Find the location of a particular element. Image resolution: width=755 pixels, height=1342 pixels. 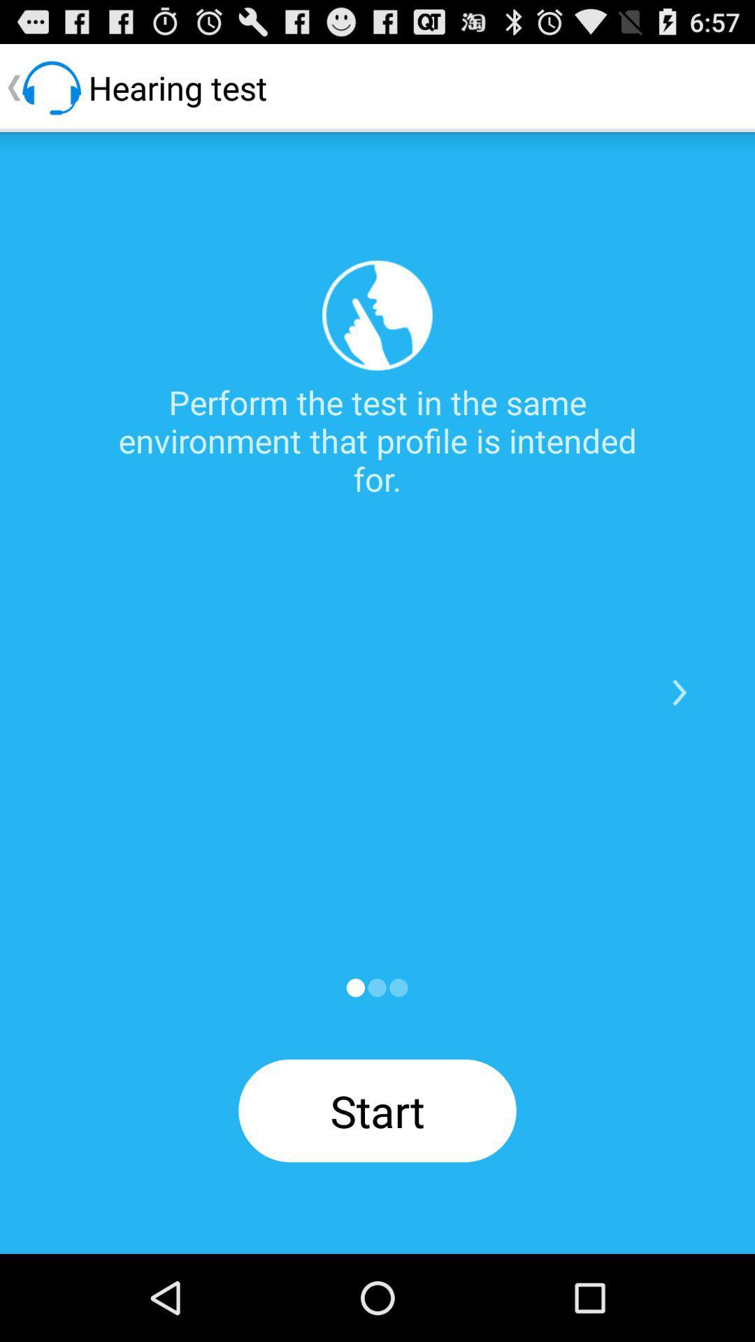

next page is located at coordinates (376, 987).